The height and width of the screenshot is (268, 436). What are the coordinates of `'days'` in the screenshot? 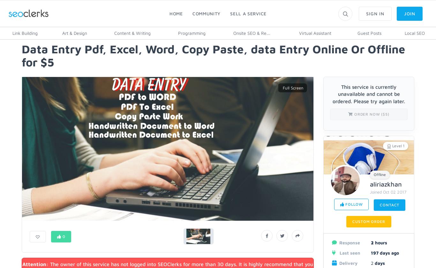 It's located at (379, 262).